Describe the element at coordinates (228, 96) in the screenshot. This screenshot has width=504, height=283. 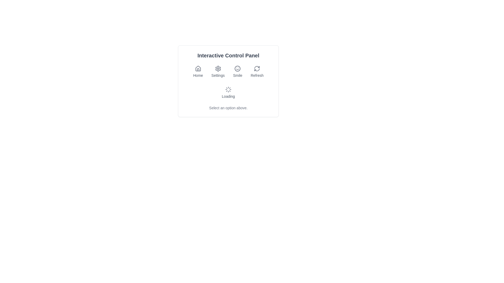
I see `the text label displaying 'Loading' in a small-sized, gray font, which is positioned beneath a spinner icon within the control panel` at that location.